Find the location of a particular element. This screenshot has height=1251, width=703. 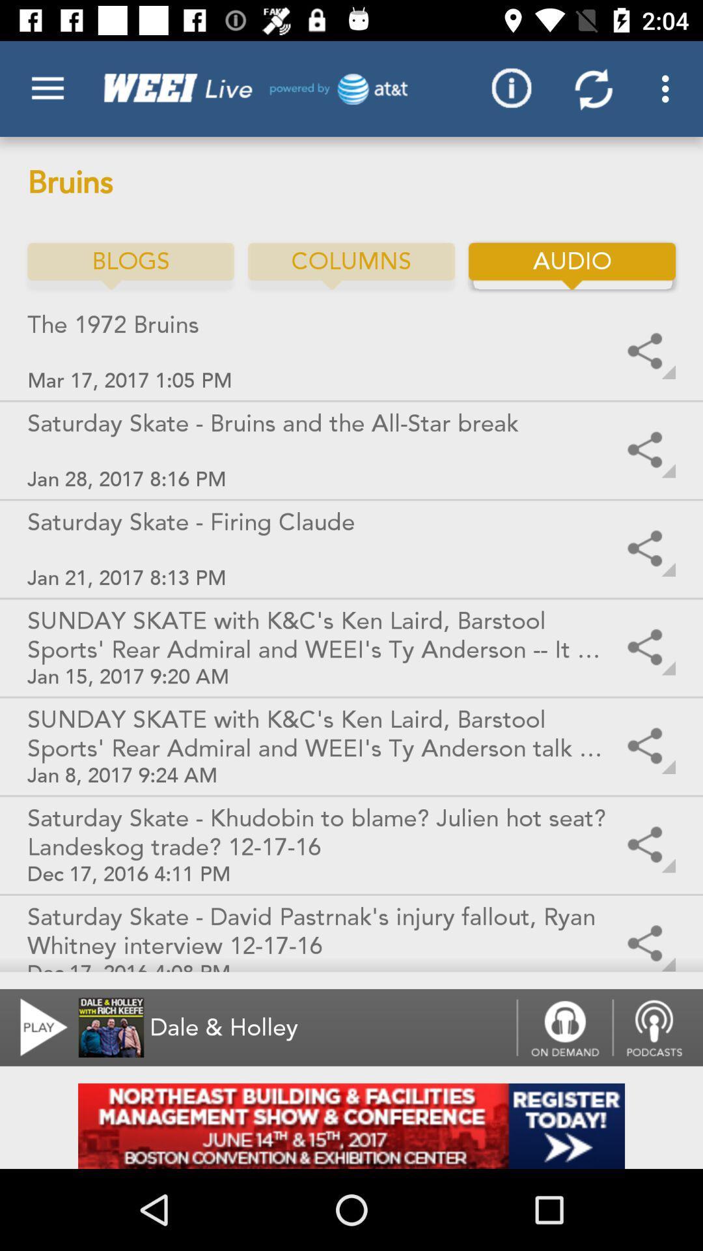

the play icon is located at coordinates (35, 1027).